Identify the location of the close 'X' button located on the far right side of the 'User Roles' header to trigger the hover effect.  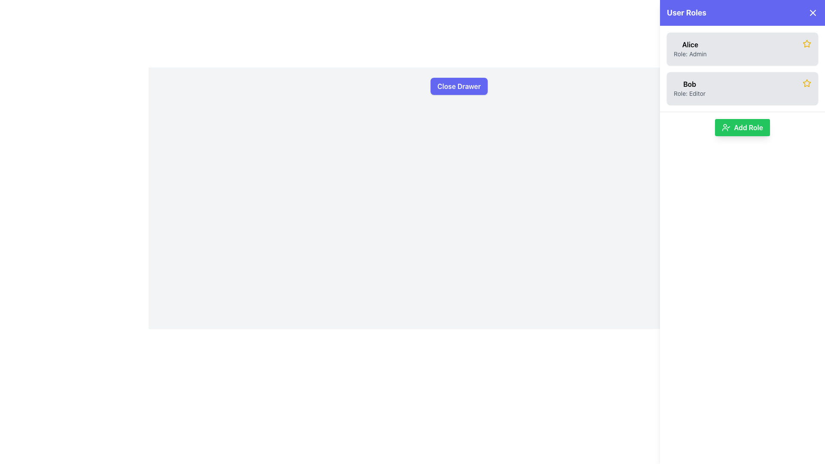
(812, 13).